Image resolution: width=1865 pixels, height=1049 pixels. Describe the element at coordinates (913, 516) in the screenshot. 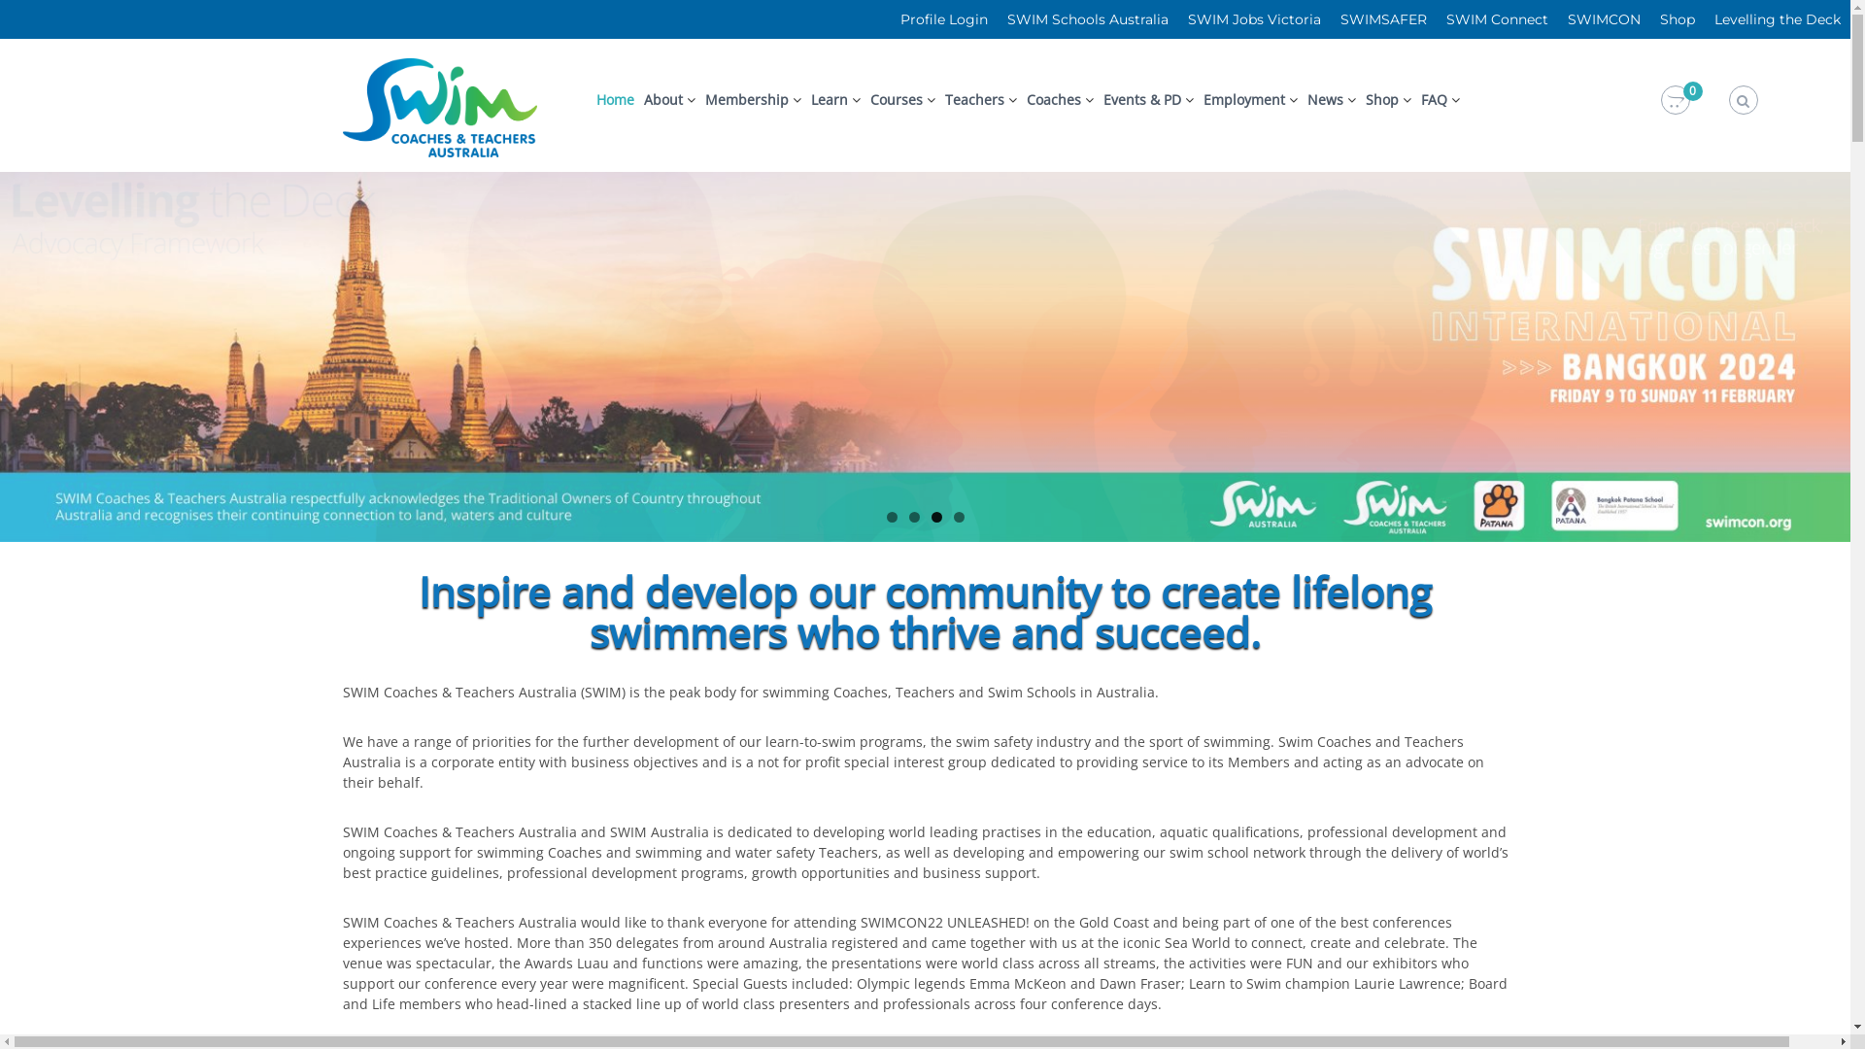

I see `'2'` at that location.